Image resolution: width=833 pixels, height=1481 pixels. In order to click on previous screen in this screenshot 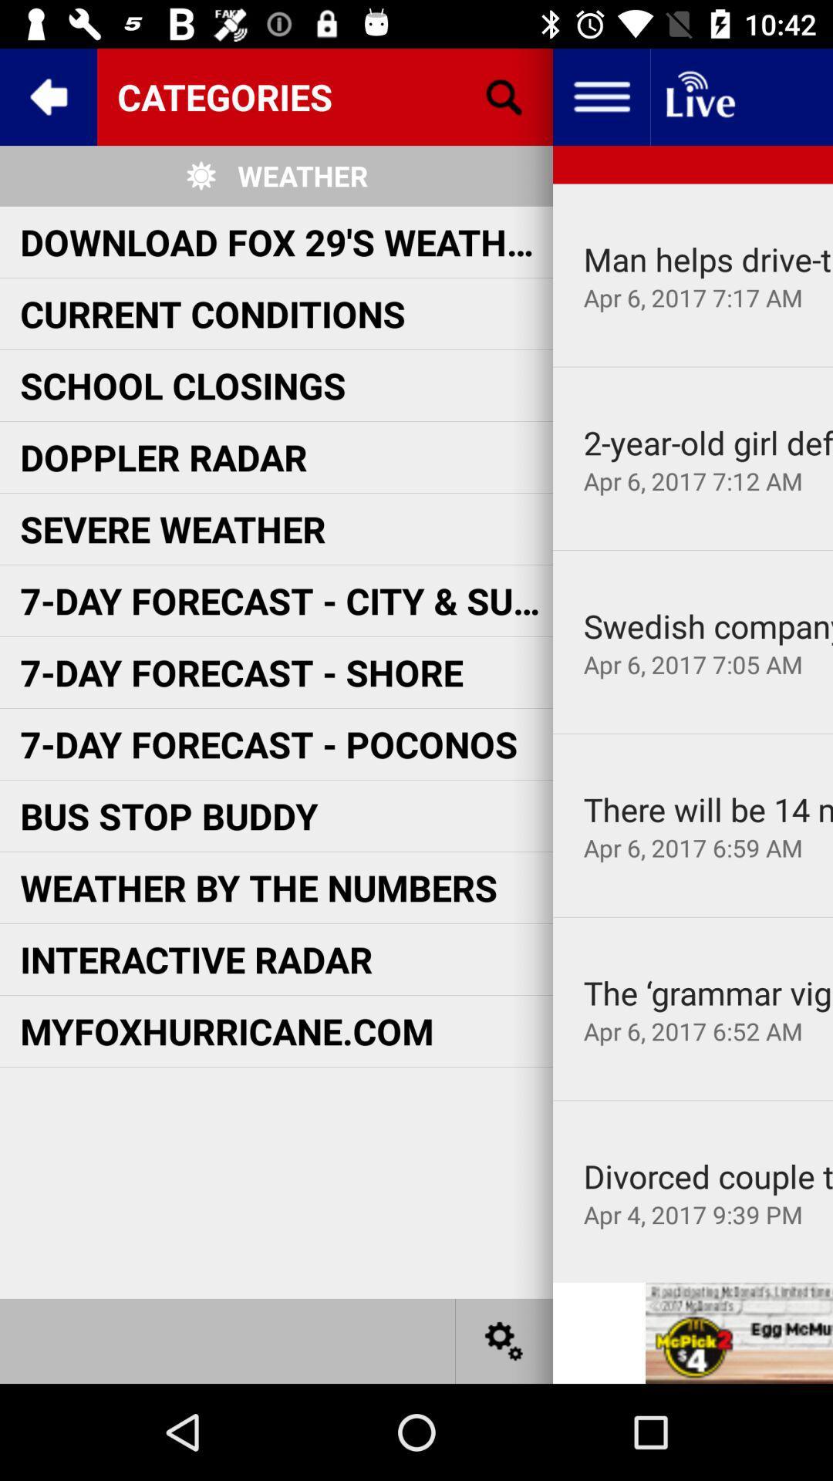, I will do `click(47, 96)`.